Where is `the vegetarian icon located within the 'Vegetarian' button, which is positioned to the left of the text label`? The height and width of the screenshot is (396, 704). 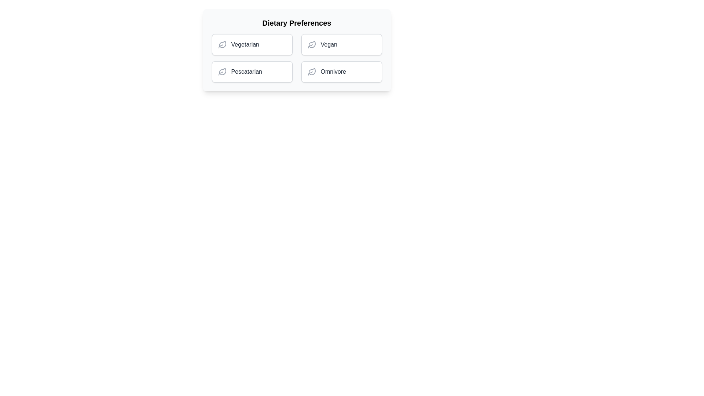 the vegetarian icon located within the 'Vegetarian' button, which is positioned to the left of the text label is located at coordinates (222, 45).